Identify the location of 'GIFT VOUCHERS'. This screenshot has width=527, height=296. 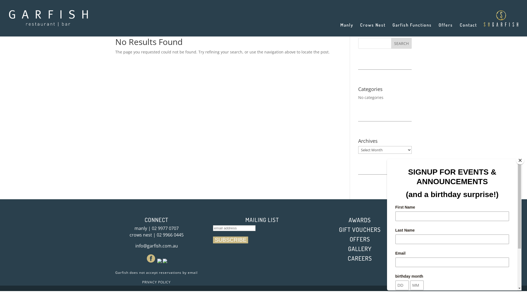
(360, 229).